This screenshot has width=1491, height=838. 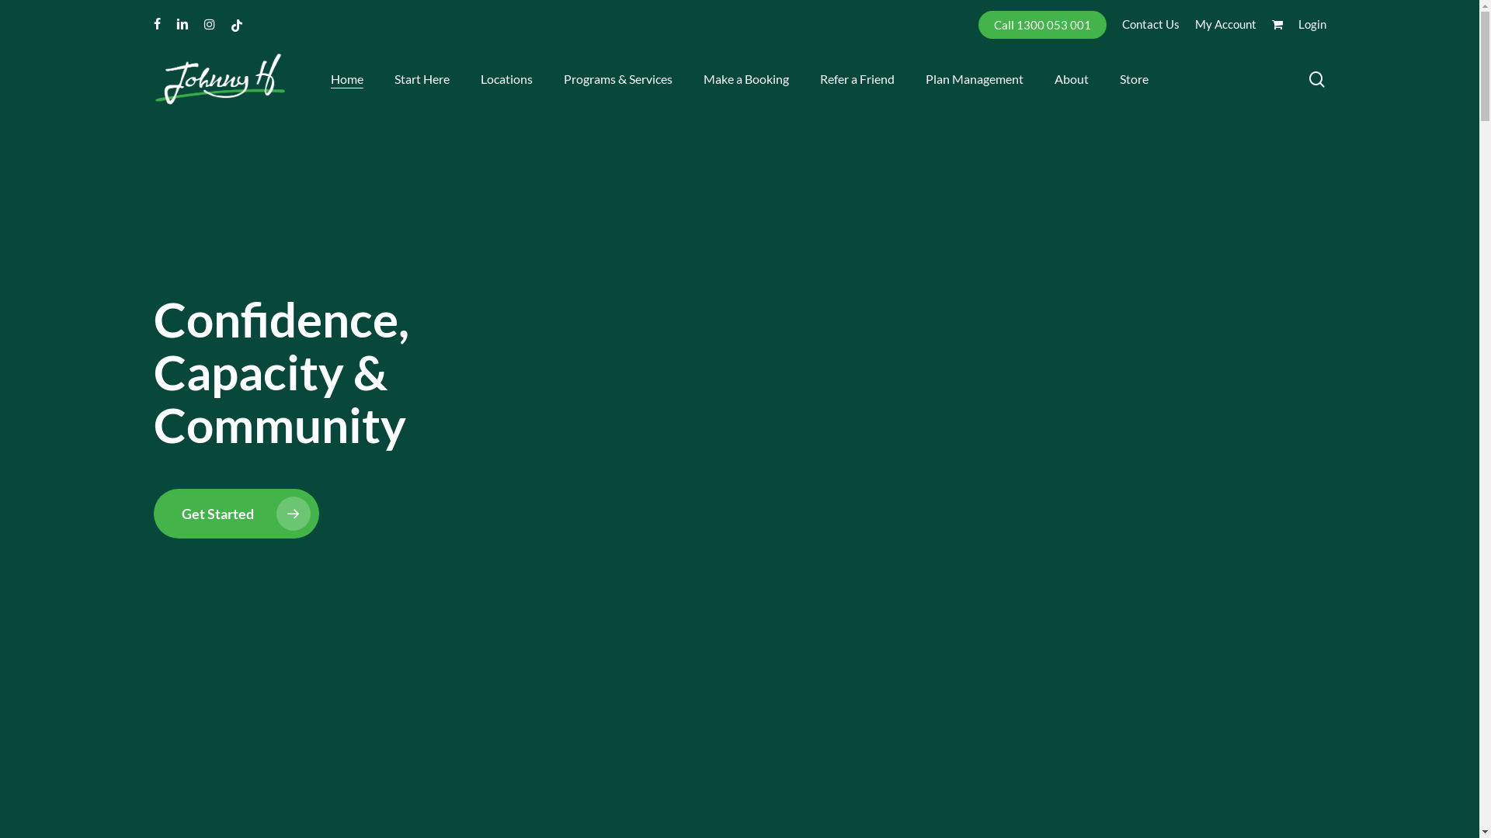 What do you see at coordinates (1071, 78) in the screenshot?
I see `'About'` at bounding box center [1071, 78].